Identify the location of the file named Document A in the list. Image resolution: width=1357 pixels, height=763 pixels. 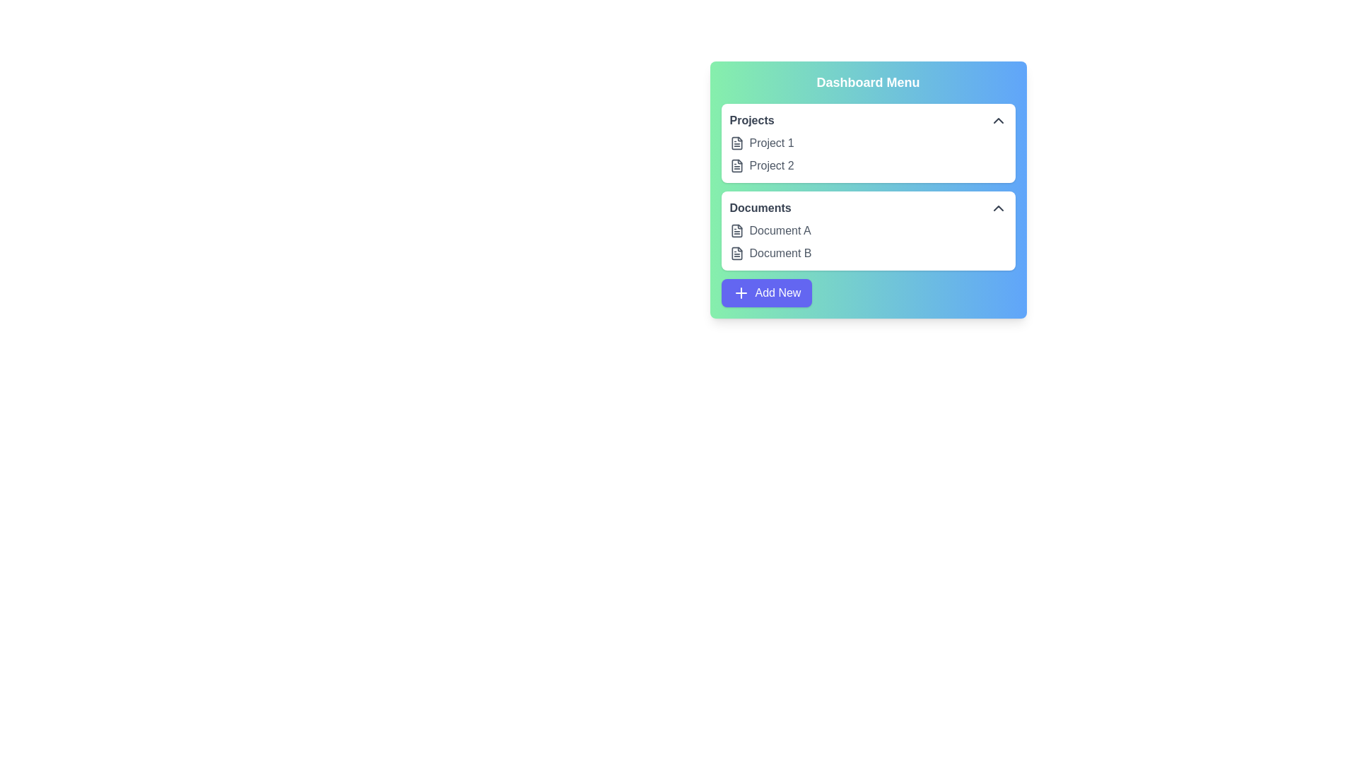
(736, 230).